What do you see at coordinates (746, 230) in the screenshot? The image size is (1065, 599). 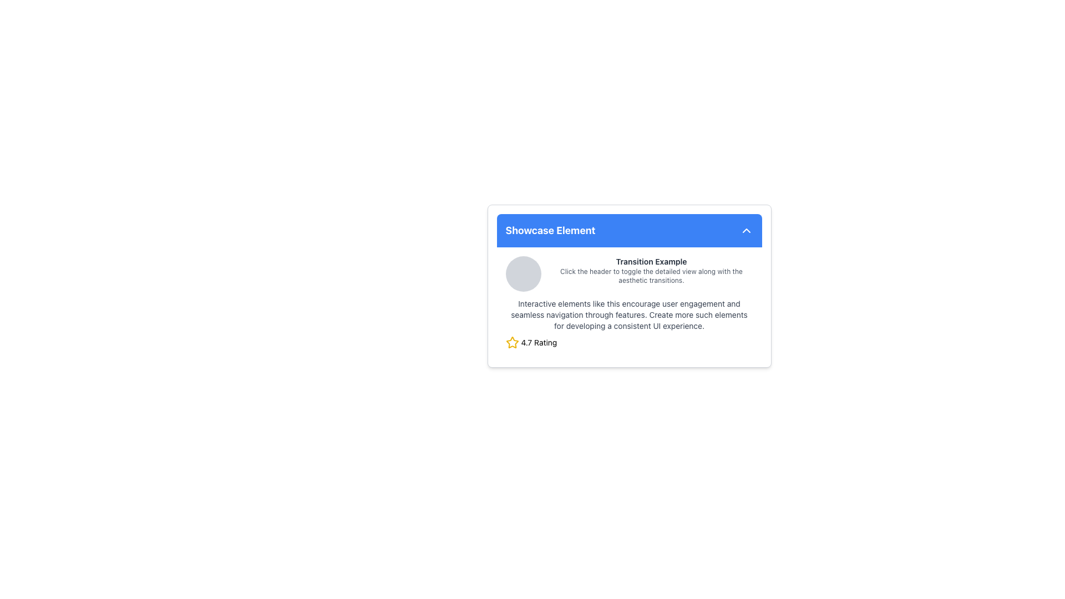 I see `the toggle icon located at the top-right corner of the blue header section of the card, adjacent to the 'Showcase Element' label` at bounding box center [746, 230].